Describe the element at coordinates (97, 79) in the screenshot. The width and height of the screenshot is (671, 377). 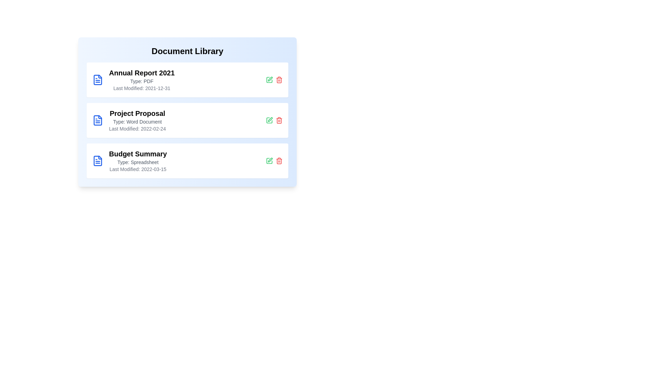
I see `the document icon to perform an action on the document: view` at that location.